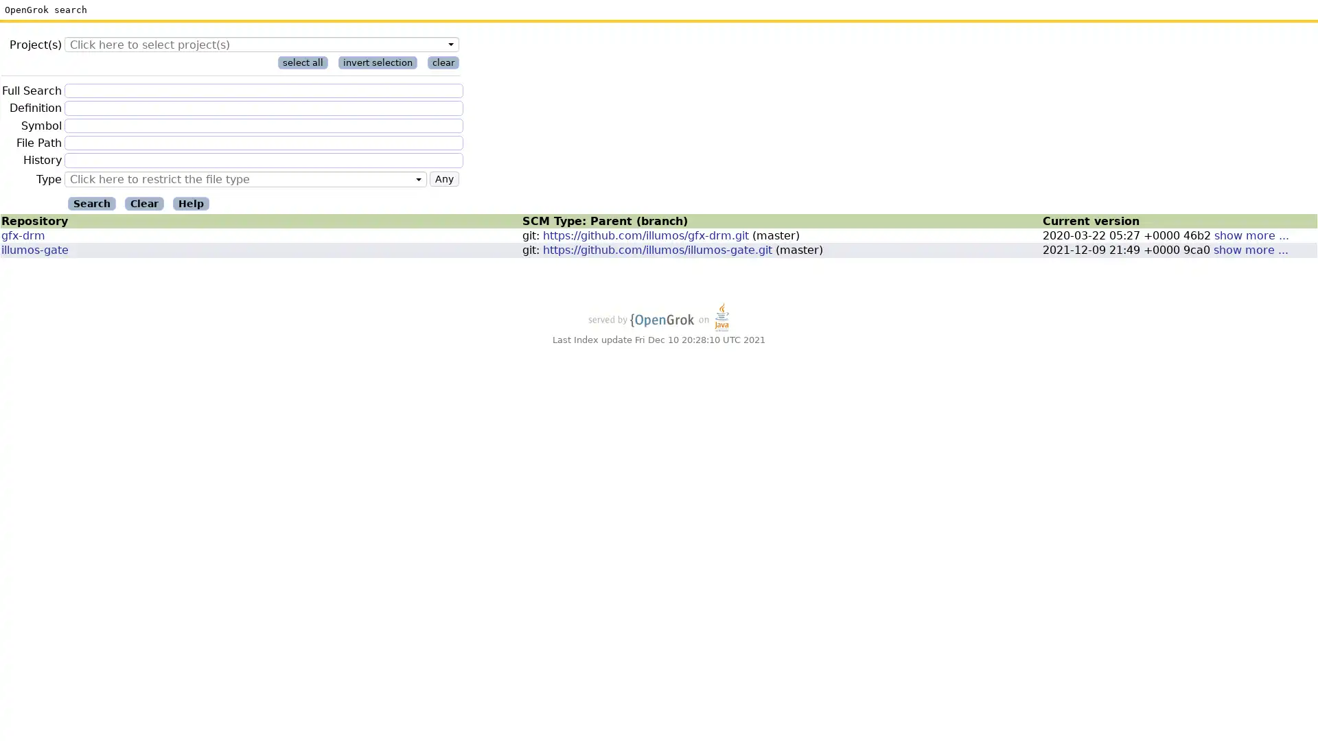 The image size is (1318, 741). Describe the element at coordinates (302, 62) in the screenshot. I see `select all` at that location.